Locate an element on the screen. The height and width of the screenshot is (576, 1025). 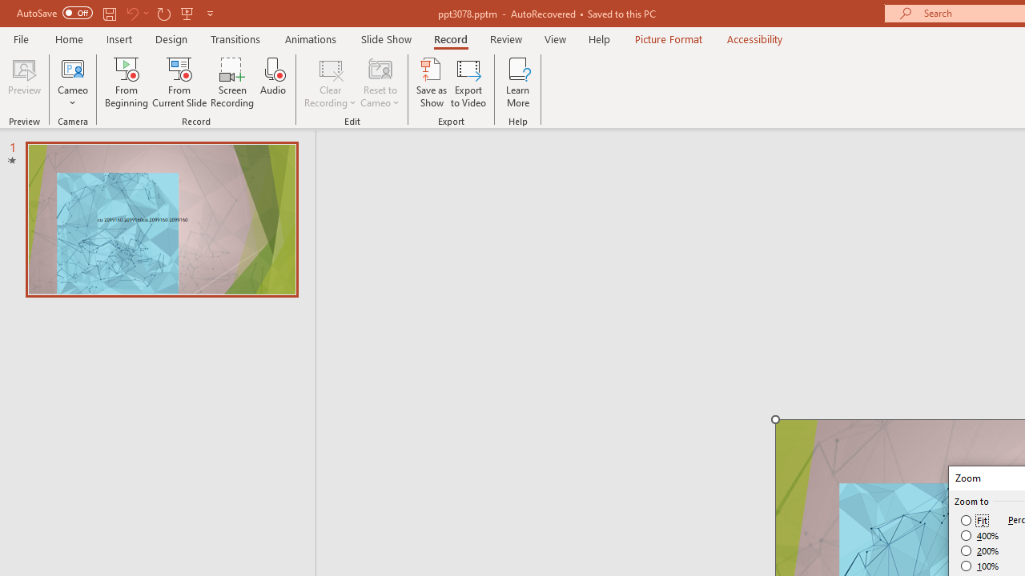
'From Current Slide...' is located at coordinates (179, 82).